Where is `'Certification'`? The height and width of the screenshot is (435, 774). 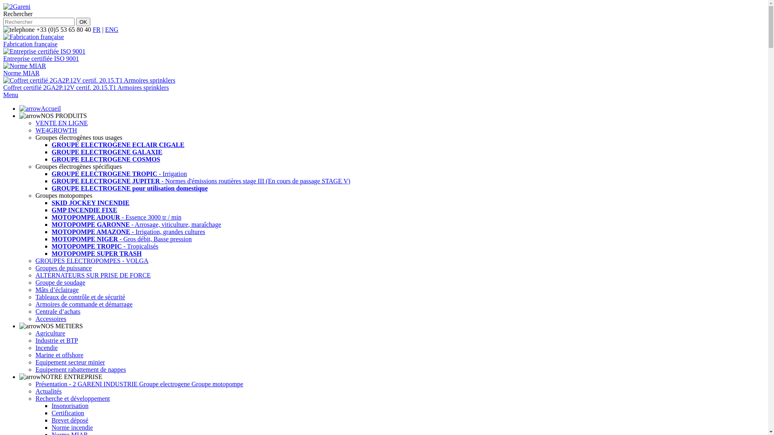
'Certification' is located at coordinates (68, 413).